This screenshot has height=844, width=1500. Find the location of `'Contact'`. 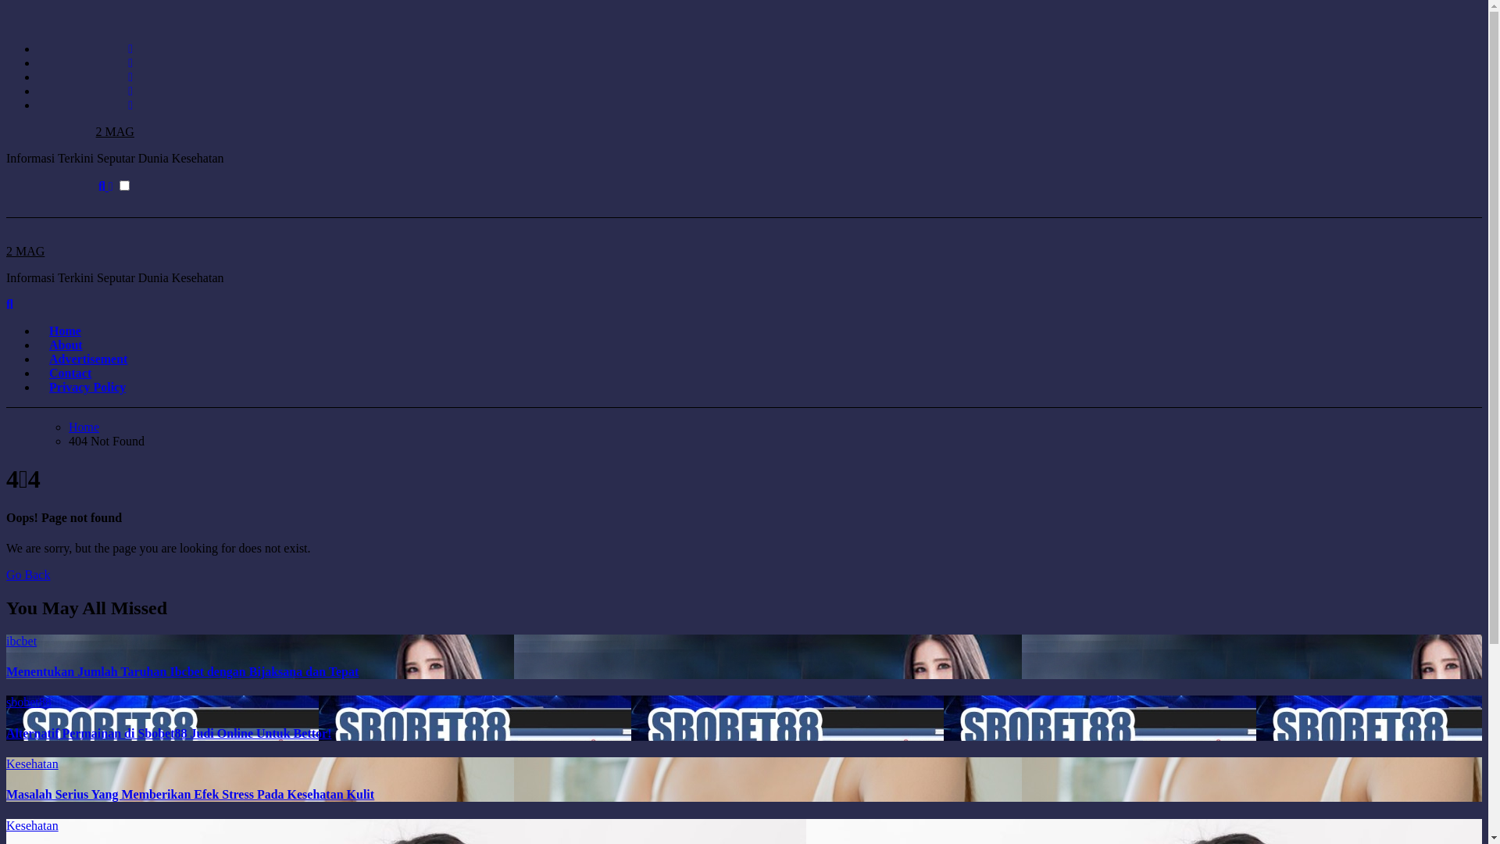

'Contact' is located at coordinates (70, 373).